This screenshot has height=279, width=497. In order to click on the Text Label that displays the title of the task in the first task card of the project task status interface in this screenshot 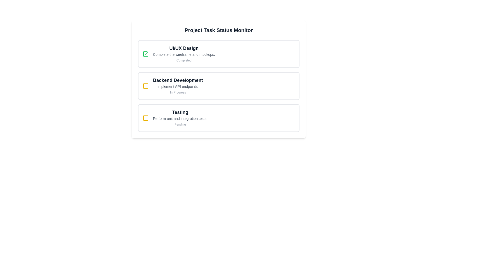, I will do `click(184, 48)`.